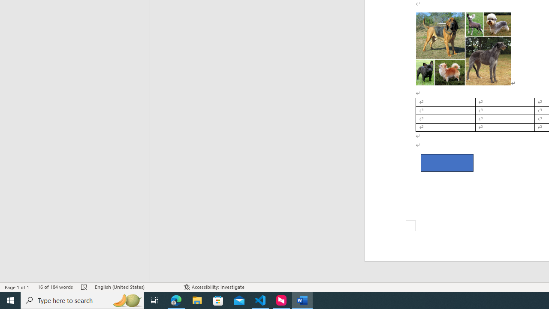 The width and height of the screenshot is (549, 309). What do you see at coordinates (463, 48) in the screenshot?
I see `'Morphological variation in six dogs'` at bounding box center [463, 48].